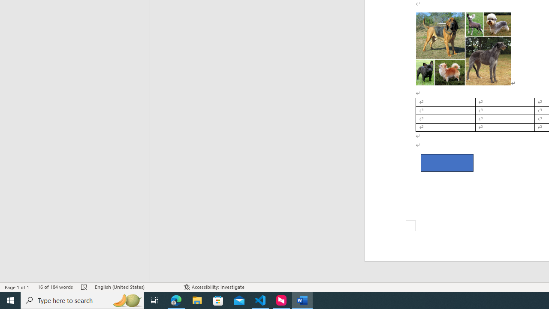 The width and height of the screenshot is (549, 309). What do you see at coordinates (463, 48) in the screenshot?
I see `'Morphological variation in six dogs'` at bounding box center [463, 48].